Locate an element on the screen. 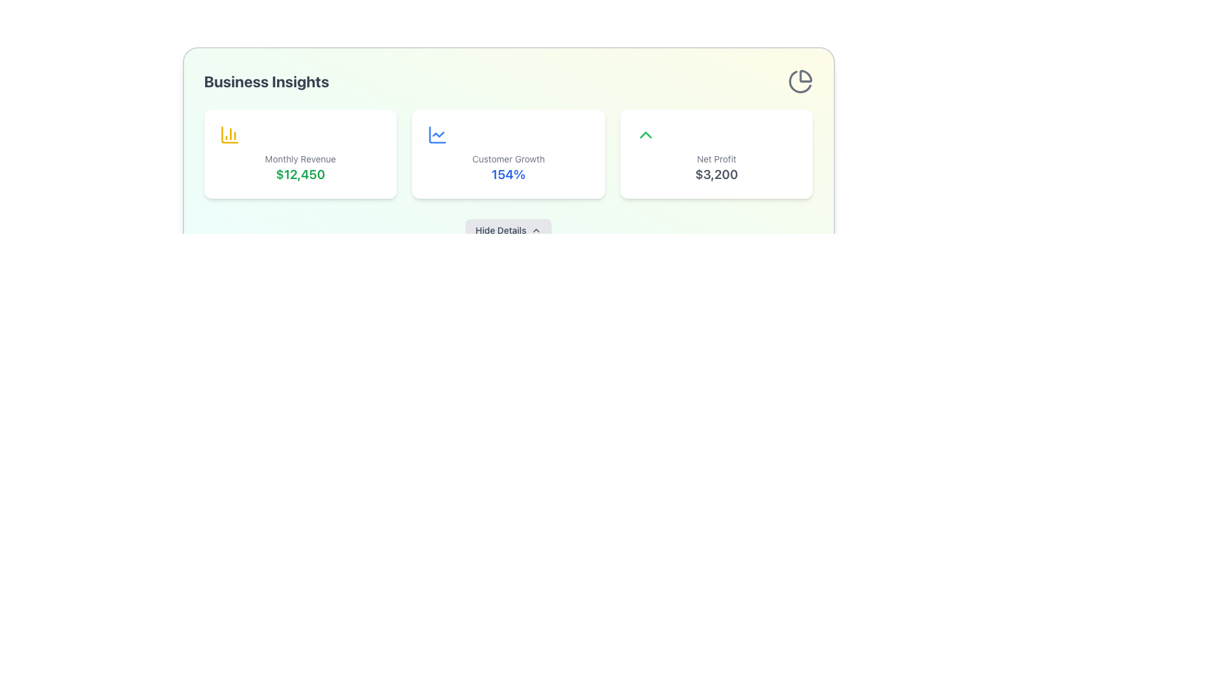  the icon representing statistical growth located in the 'Business Insights' section, positioned above the 'Customer Growth' label and the percentage '154%.' is located at coordinates (438, 135).